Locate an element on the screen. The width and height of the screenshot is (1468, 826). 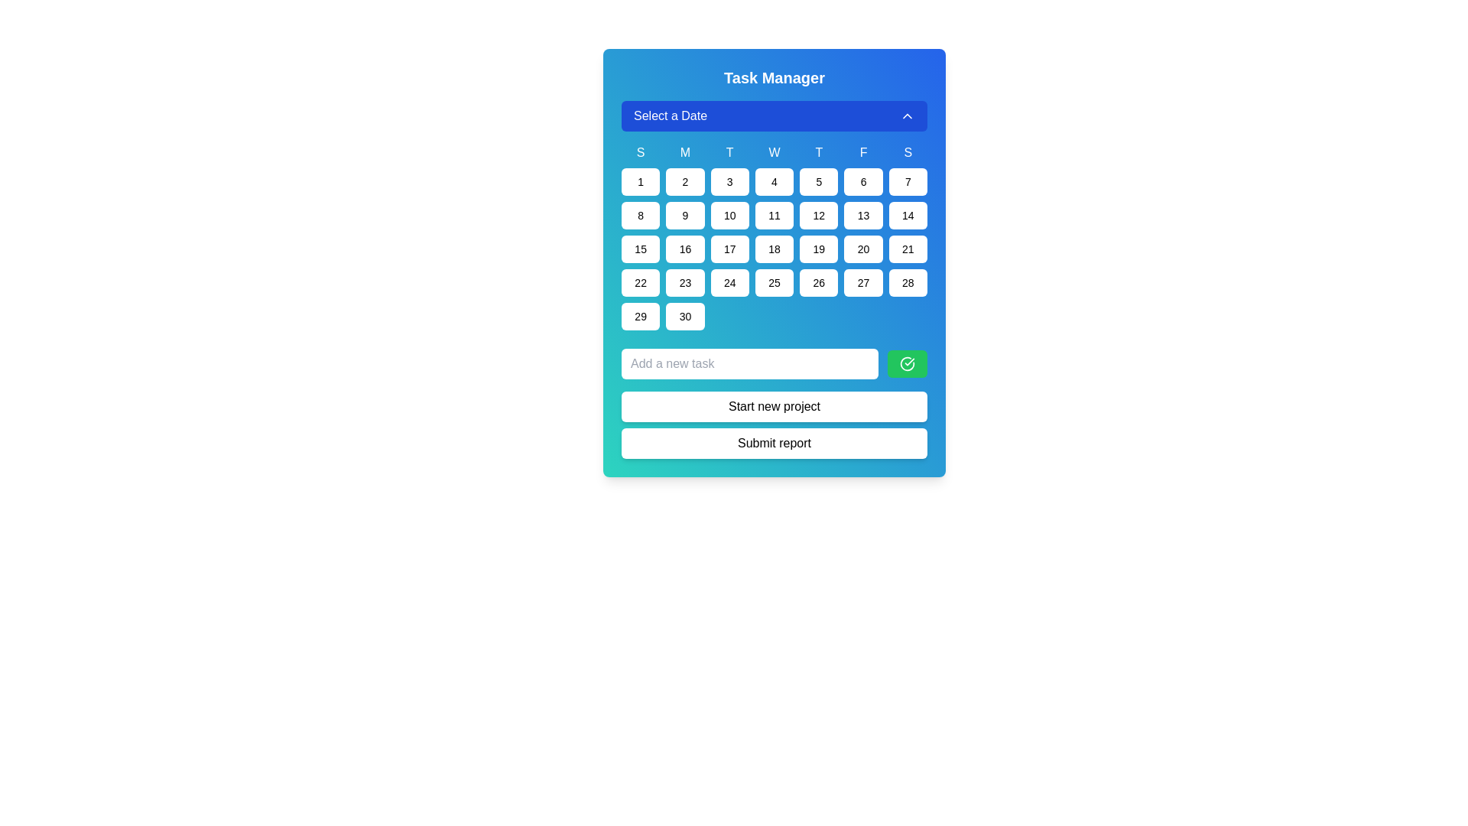
the icon located to the right of the text within the 'Select a Date' dropdown button is located at coordinates (907, 115).